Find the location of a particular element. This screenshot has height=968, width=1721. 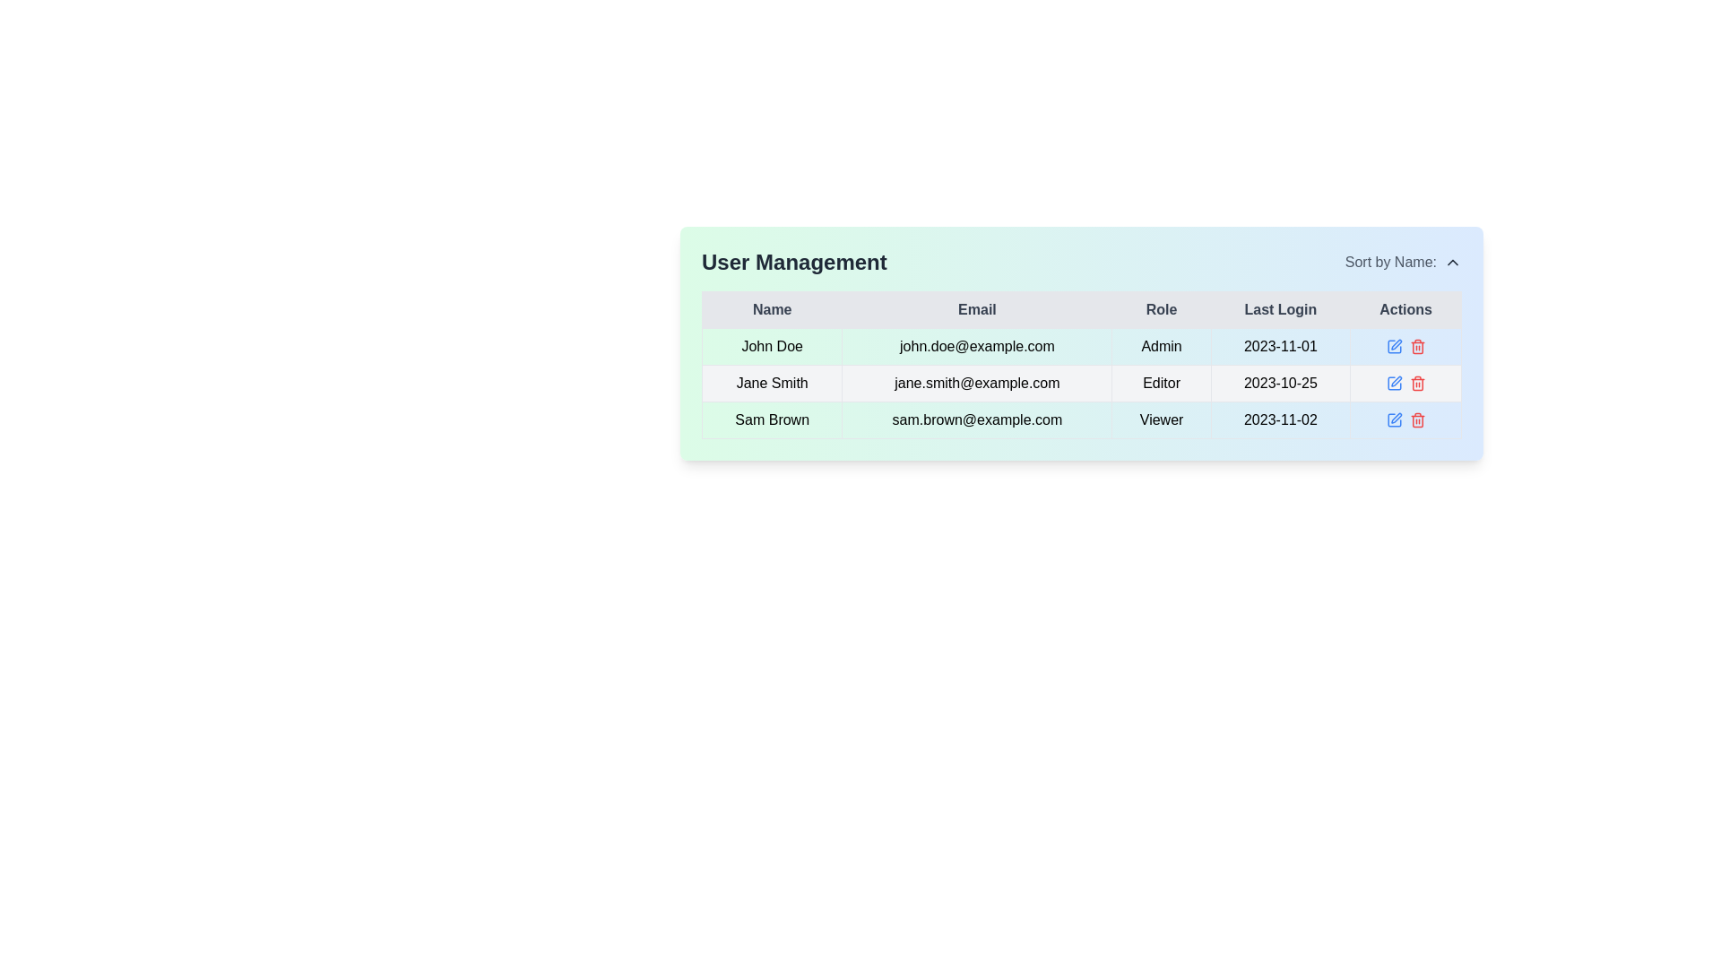

the first row in the user management table that contains details for 'John Doe', highlighting the row is located at coordinates (1080, 346).